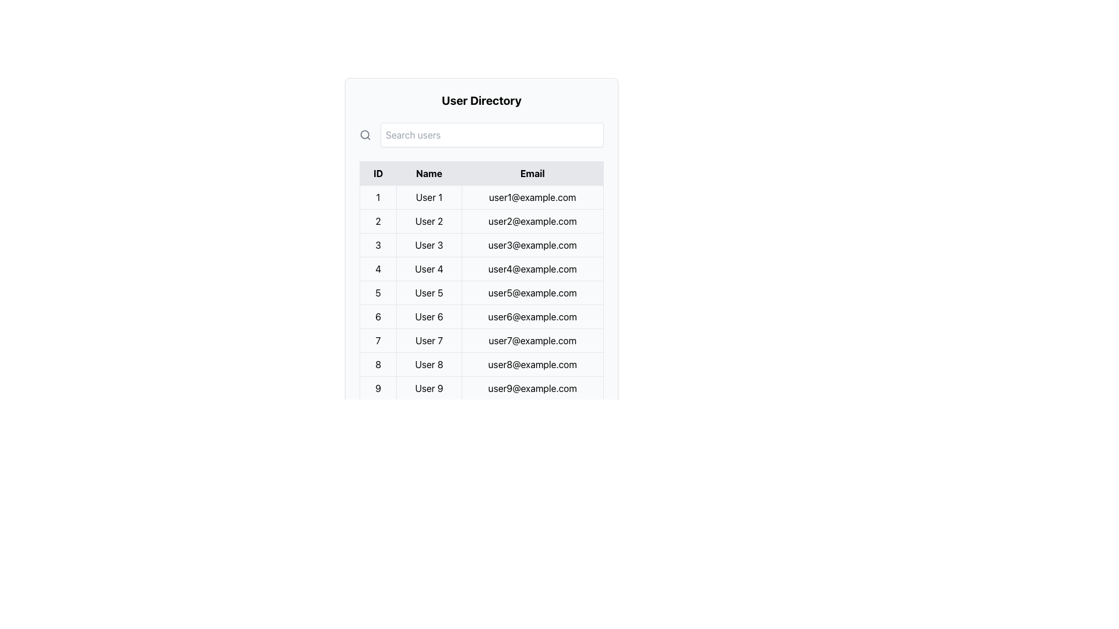 The width and height of the screenshot is (1119, 629). I want to click on text from the header cell at the top-left corner of the table, which displays 'ID' in bold, so click(378, 173).